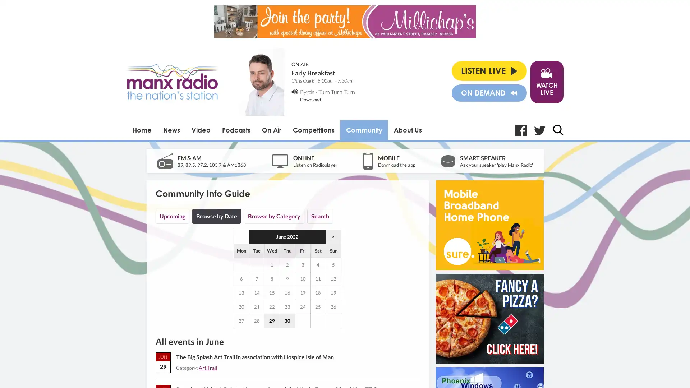 The height and width of the screenshot is (388, 690). What do you see at coordinates (557, 130) in the screenshot?
I see `Toggle Search Visibility` at bounding box center [557, 130].